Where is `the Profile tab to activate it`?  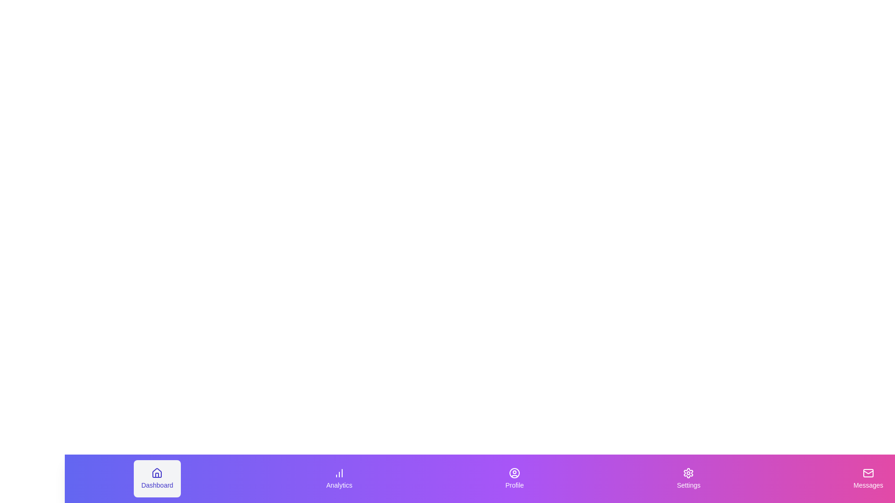 the Profile tab to activate it is located at coordinates (514, 479).